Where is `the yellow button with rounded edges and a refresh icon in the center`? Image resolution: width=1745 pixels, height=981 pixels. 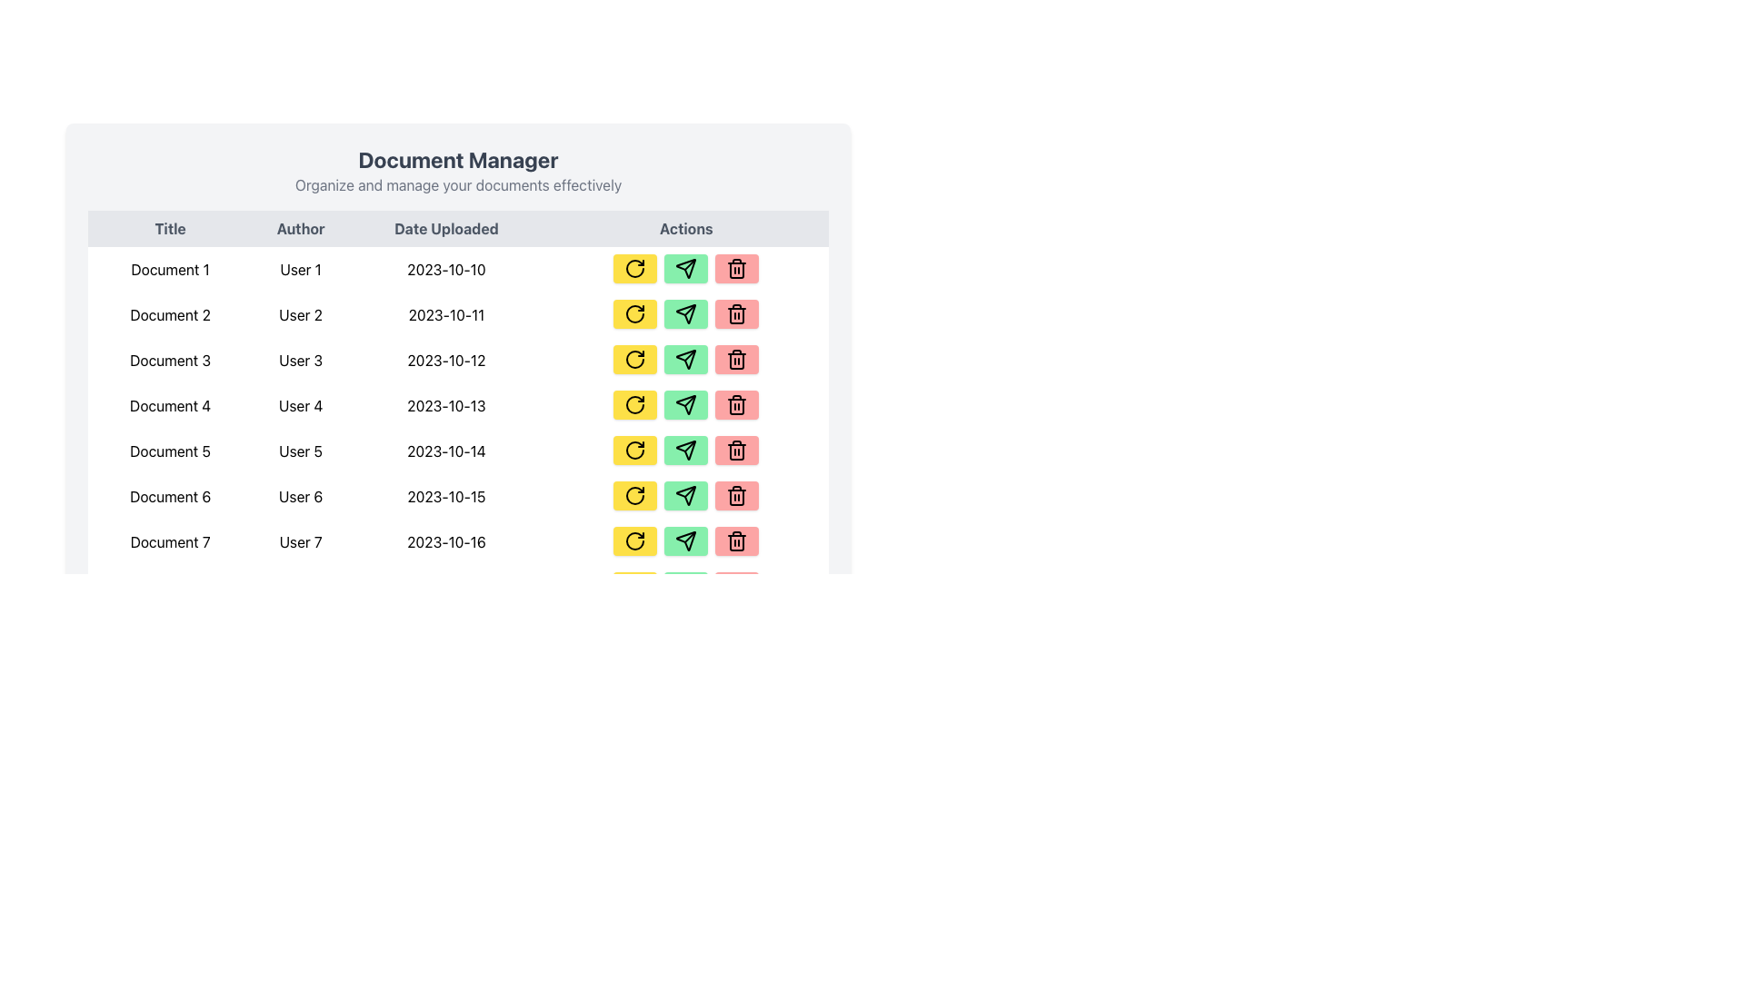 the yellow button with rounded edges and a refresh icon in the center is located at coordinates (635, 269).